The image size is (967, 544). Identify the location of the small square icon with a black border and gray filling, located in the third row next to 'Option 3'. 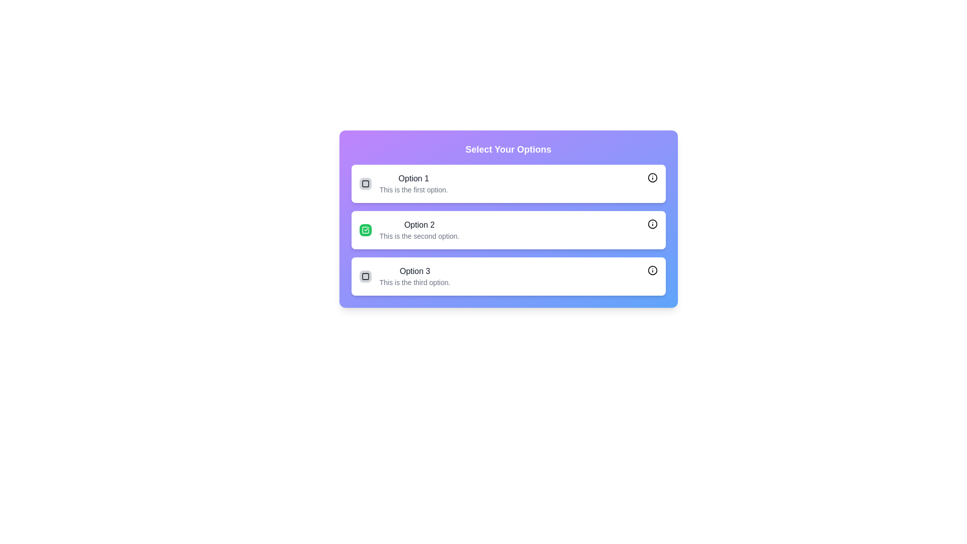
(365, 276).